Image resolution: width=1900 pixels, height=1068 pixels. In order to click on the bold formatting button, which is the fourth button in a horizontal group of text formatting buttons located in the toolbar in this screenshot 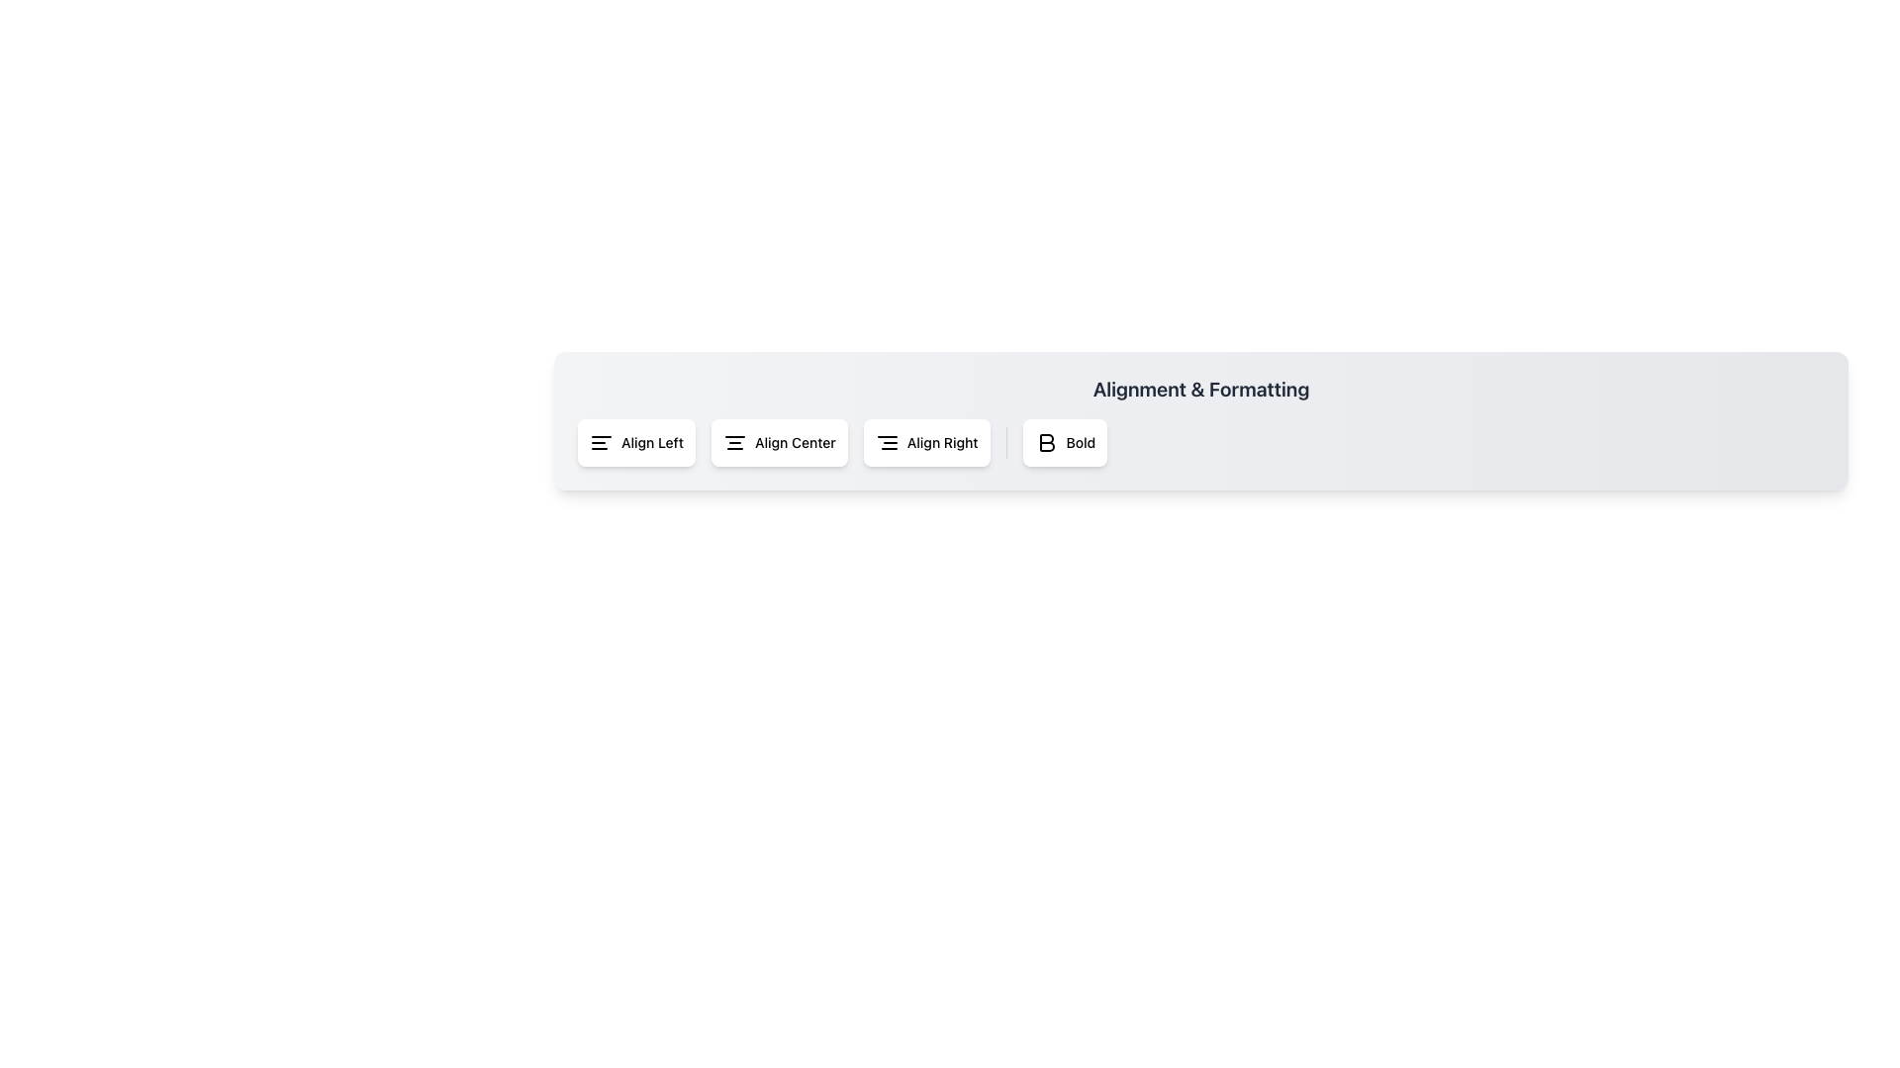, I will do `click(1064, 441)`.